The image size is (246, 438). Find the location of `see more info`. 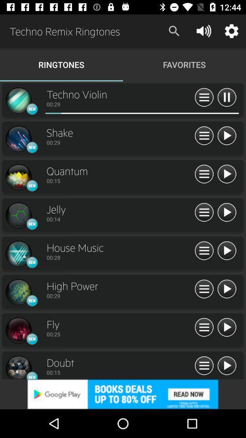

see more info is located at coordinates (204, 251).